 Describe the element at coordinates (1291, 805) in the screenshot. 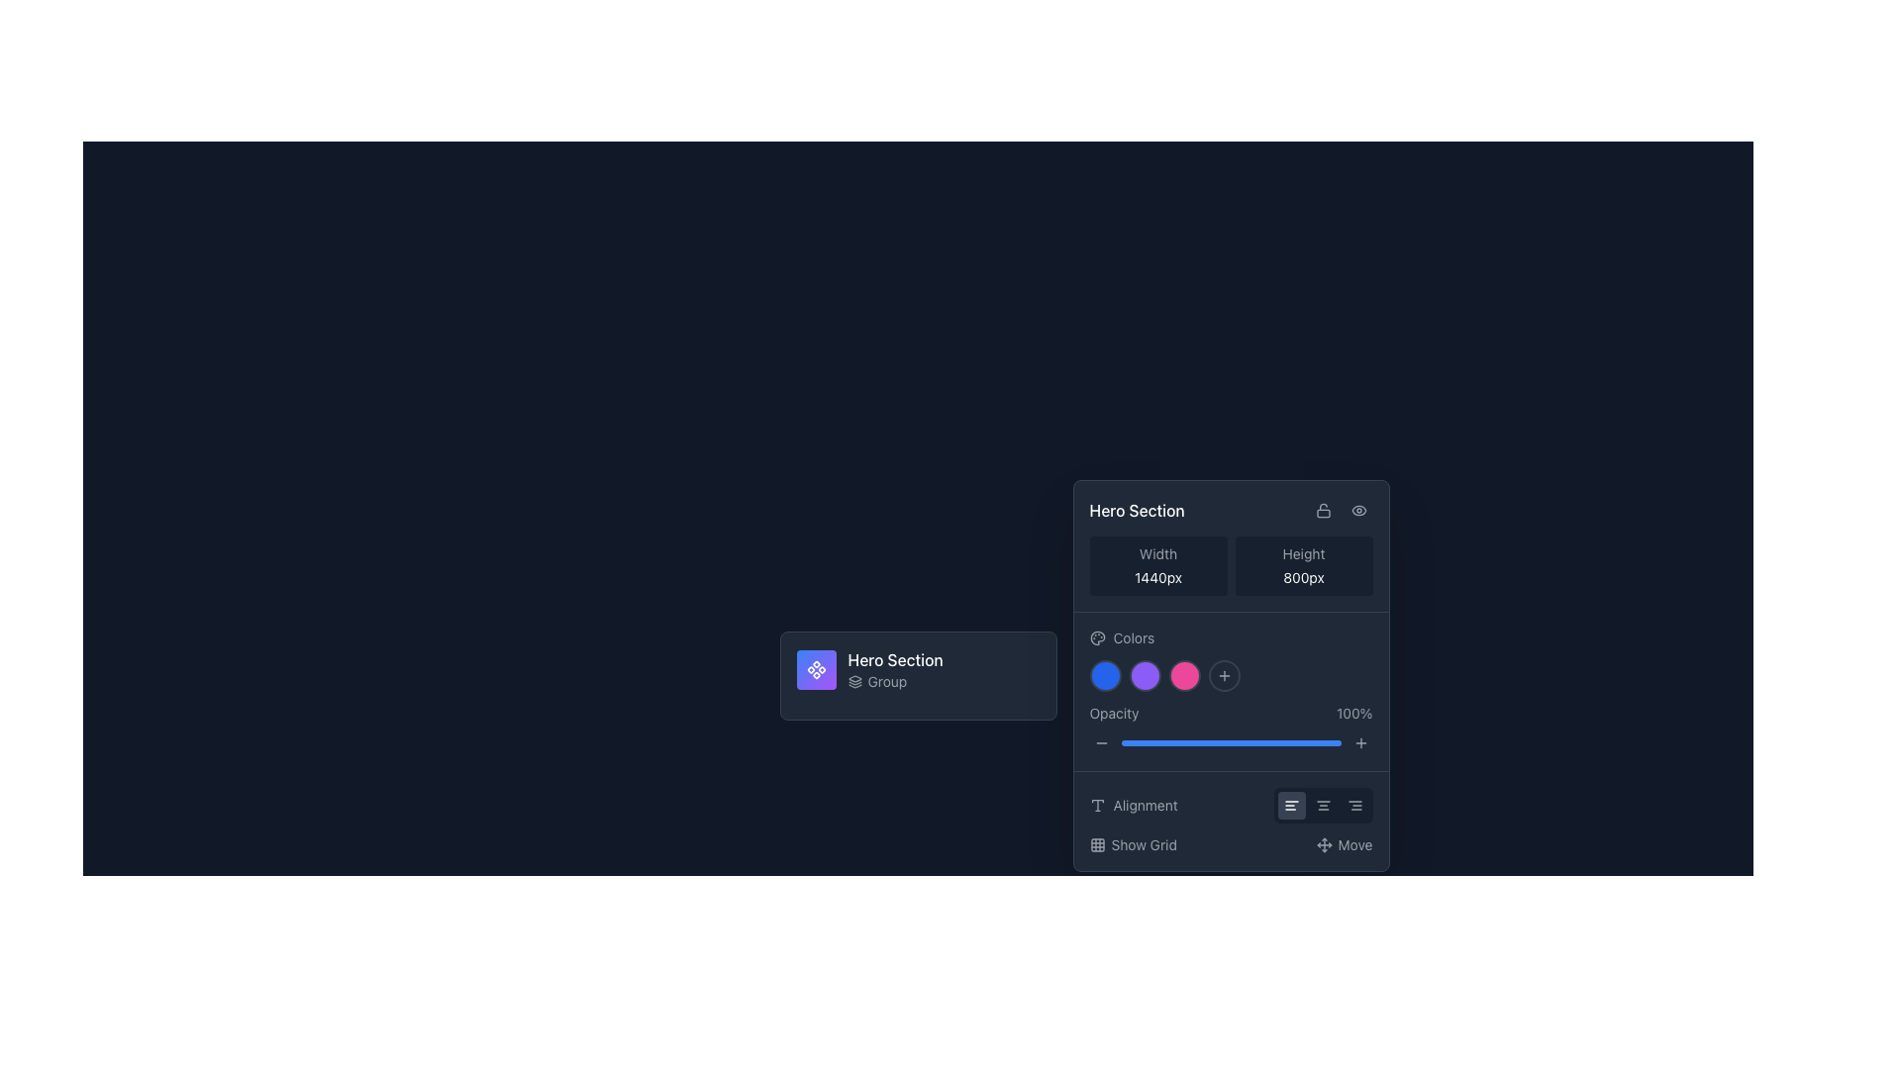

I see `the first button in the horizontal row of alignment options within the 'Hero Section' settings panel to set the text alignment to left-aligned` at that location.